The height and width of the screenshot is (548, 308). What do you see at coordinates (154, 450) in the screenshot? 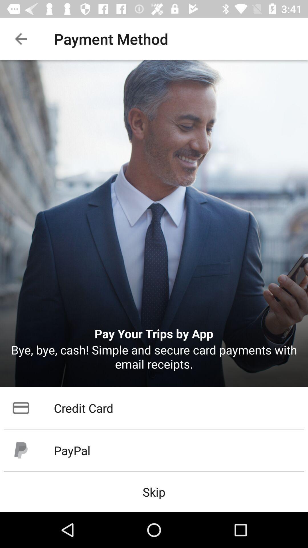
I see `paypal item` at bounding box center [154, 450].